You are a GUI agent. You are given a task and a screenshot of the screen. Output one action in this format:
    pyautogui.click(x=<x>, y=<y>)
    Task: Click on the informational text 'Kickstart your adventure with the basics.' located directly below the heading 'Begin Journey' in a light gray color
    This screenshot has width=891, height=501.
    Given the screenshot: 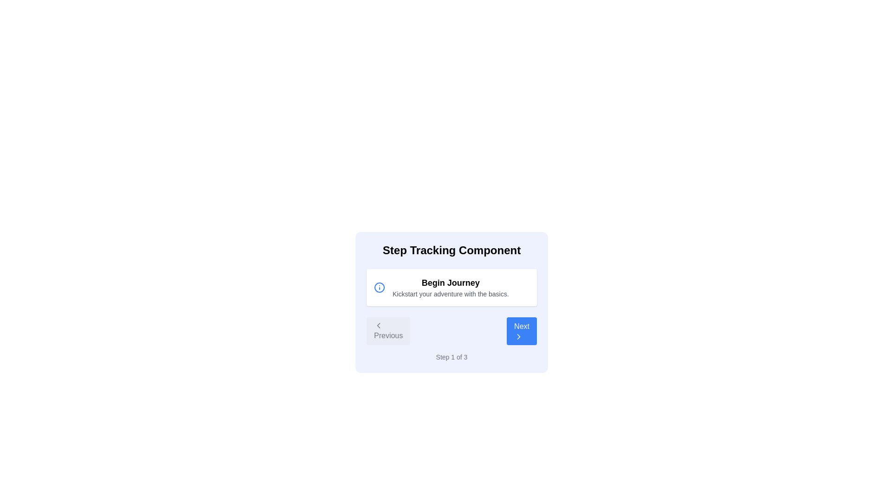 What is the action you would take?
    pyautogui.click(x=451, y=294)
    